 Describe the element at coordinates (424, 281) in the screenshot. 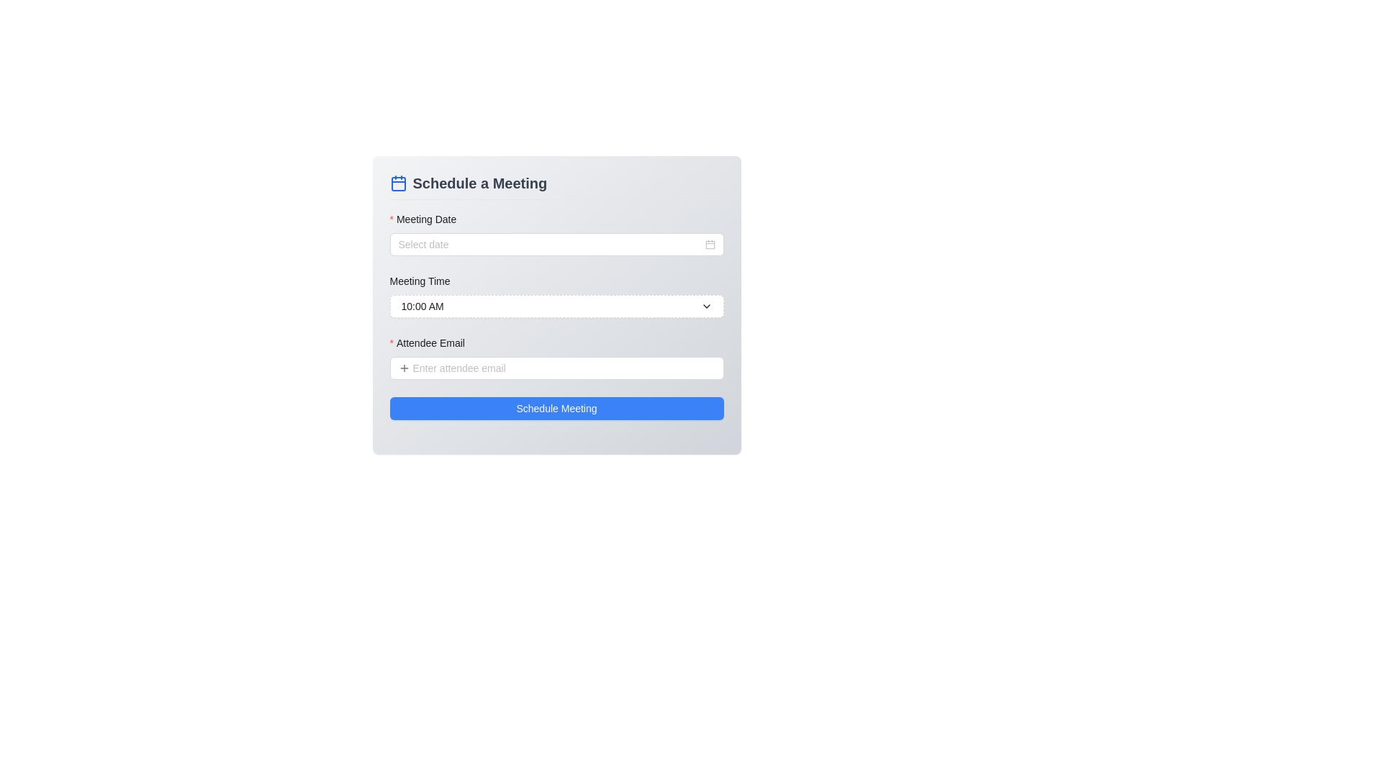

I see `the 'Meeting Time' label element, which is styled in black sans-serif font and is positioned directly beneath the 'Meeting Date' section` at that location.